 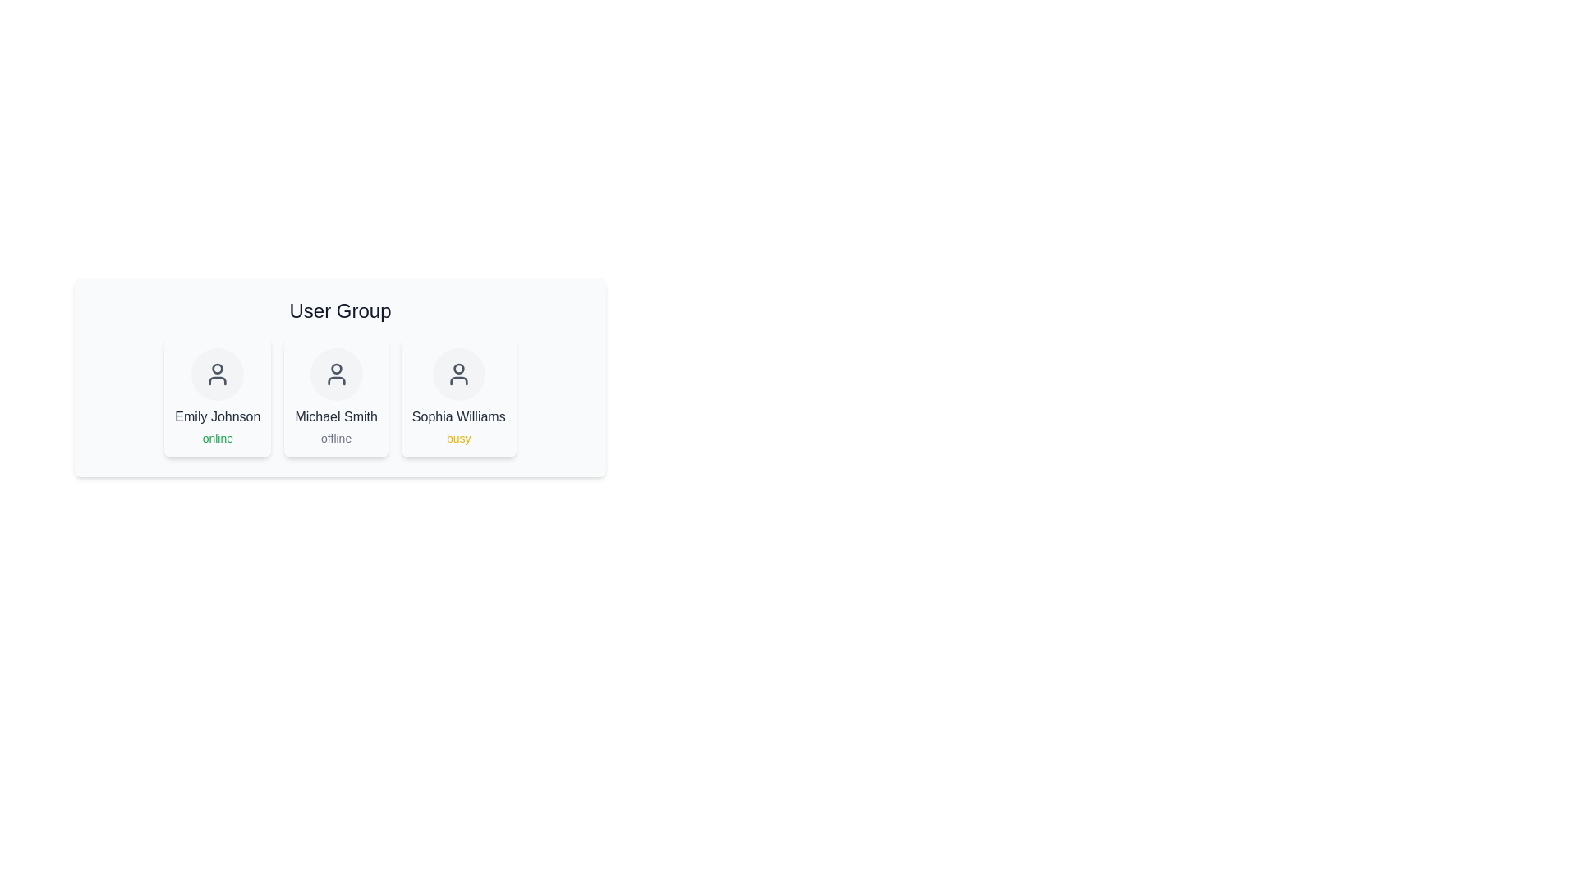 I want to click on the Profile card that represents a user profile, located as the third card in a row of three, so click(x=458, y=397).